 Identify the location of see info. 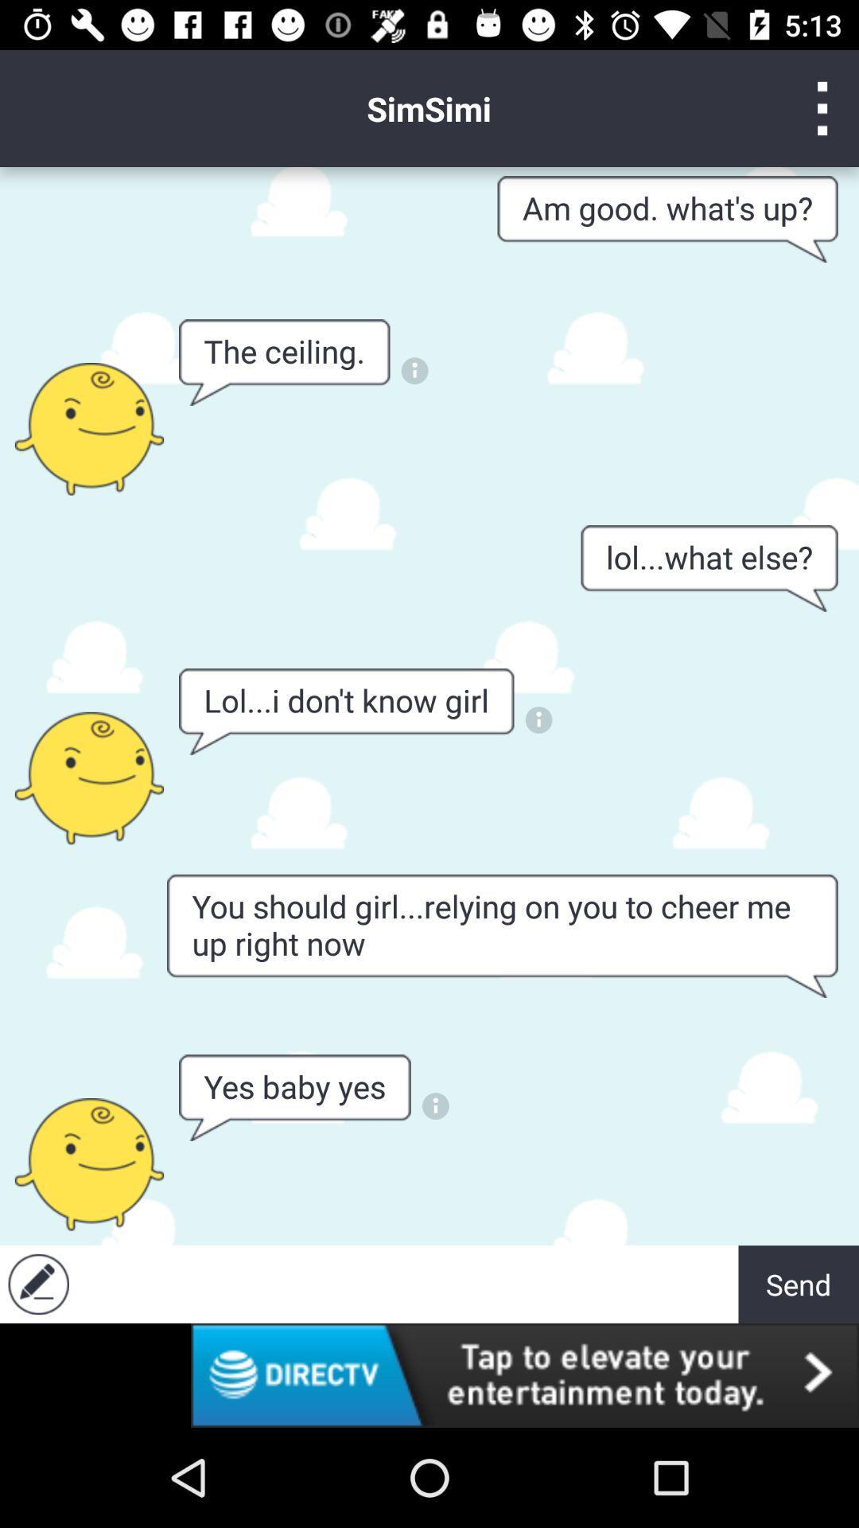
(435, 1105).